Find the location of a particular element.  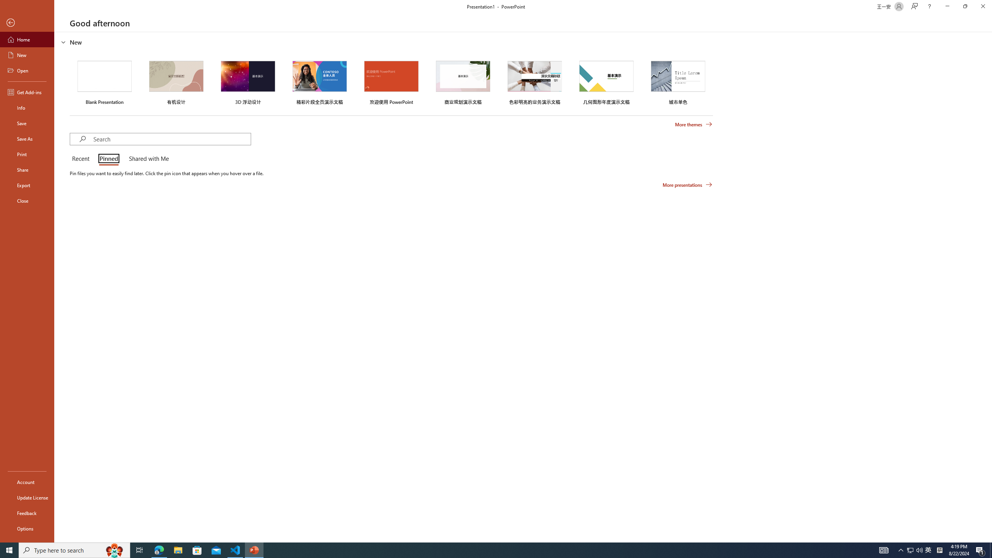

'Class: NetUIScrollBar' is located at coordinates (989, 287).